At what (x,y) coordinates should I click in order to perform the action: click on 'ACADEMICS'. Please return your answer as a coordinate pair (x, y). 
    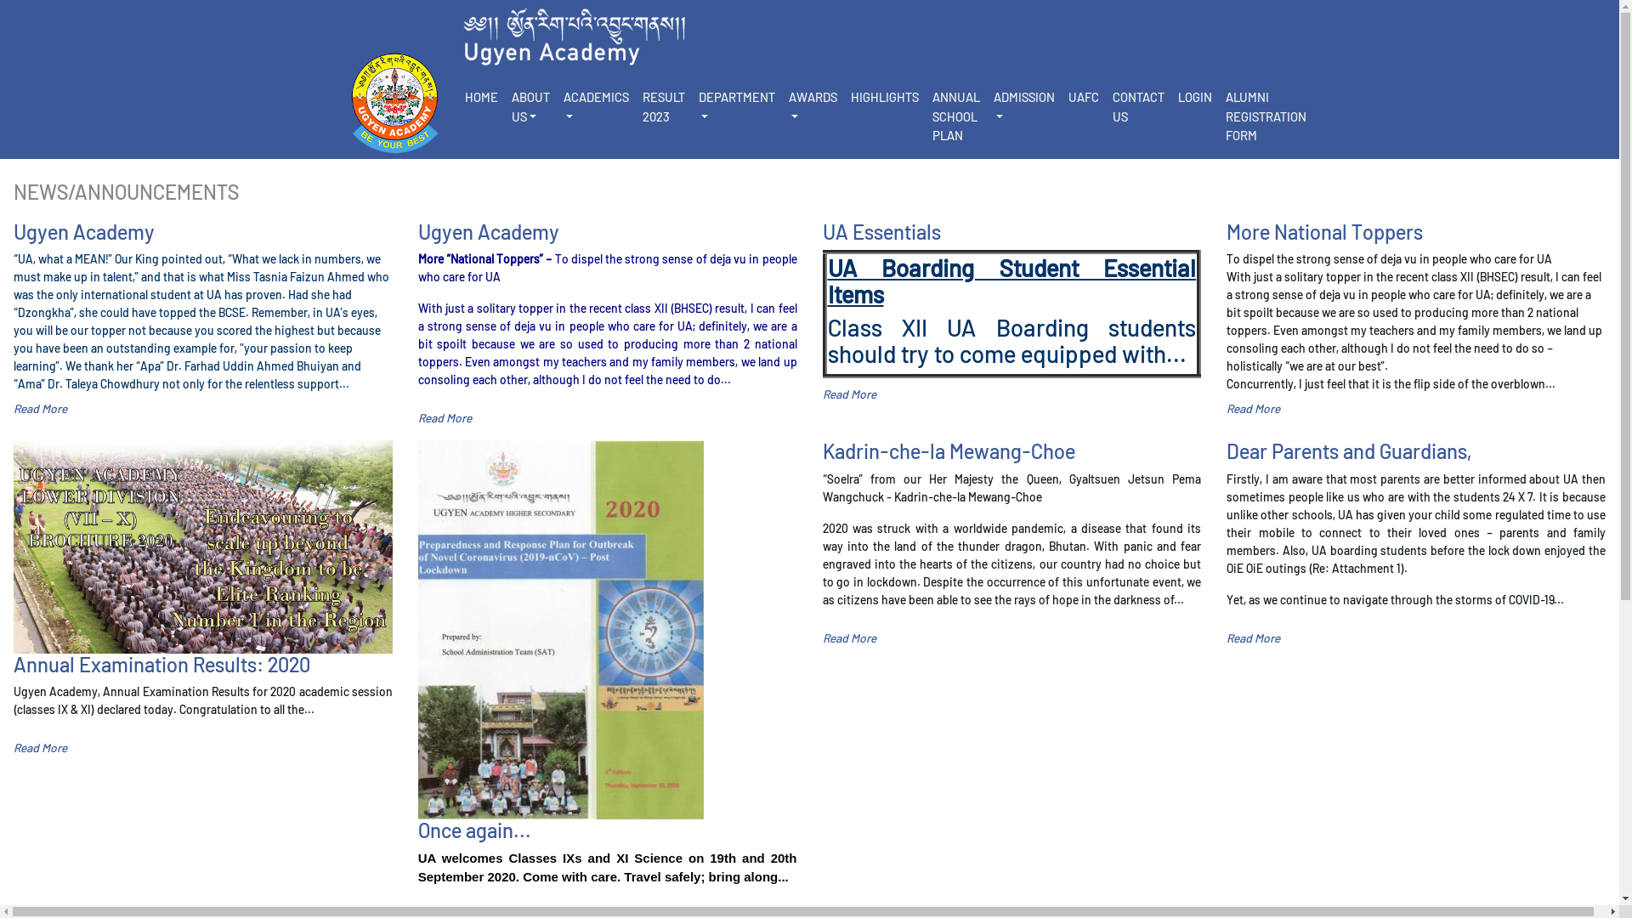
    Looking at the image, I should click on (595, 106).